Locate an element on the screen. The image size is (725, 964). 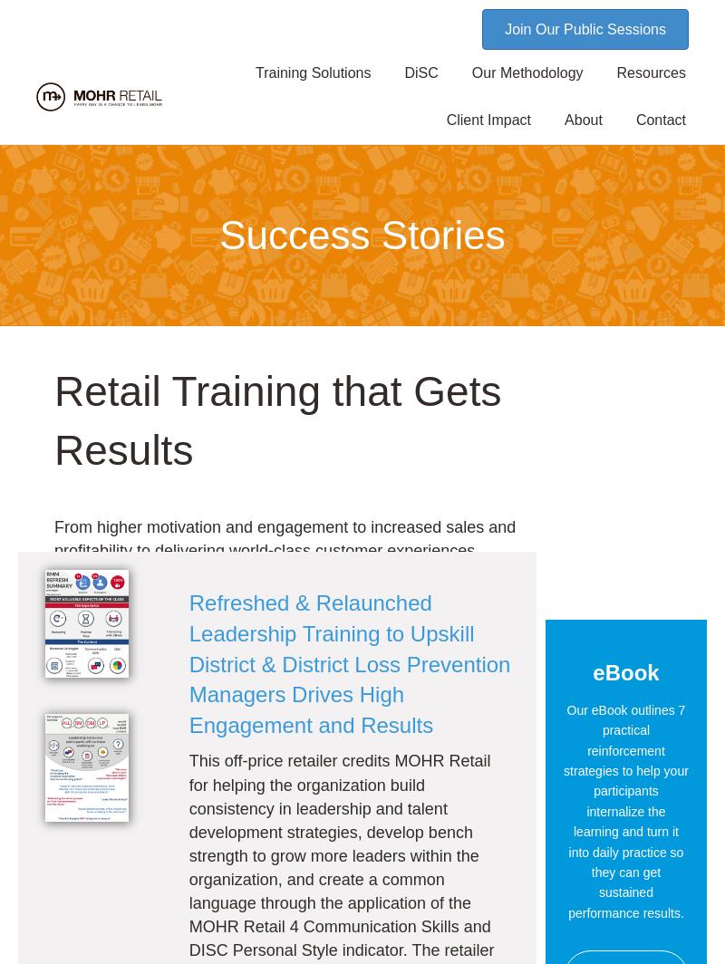
'Our eBook outlines 7 practical reinforcement strategies to help your participants internalize the learning and turn it into daily practice so they can get sustained performance results.' is located at coordinates (625, 811).